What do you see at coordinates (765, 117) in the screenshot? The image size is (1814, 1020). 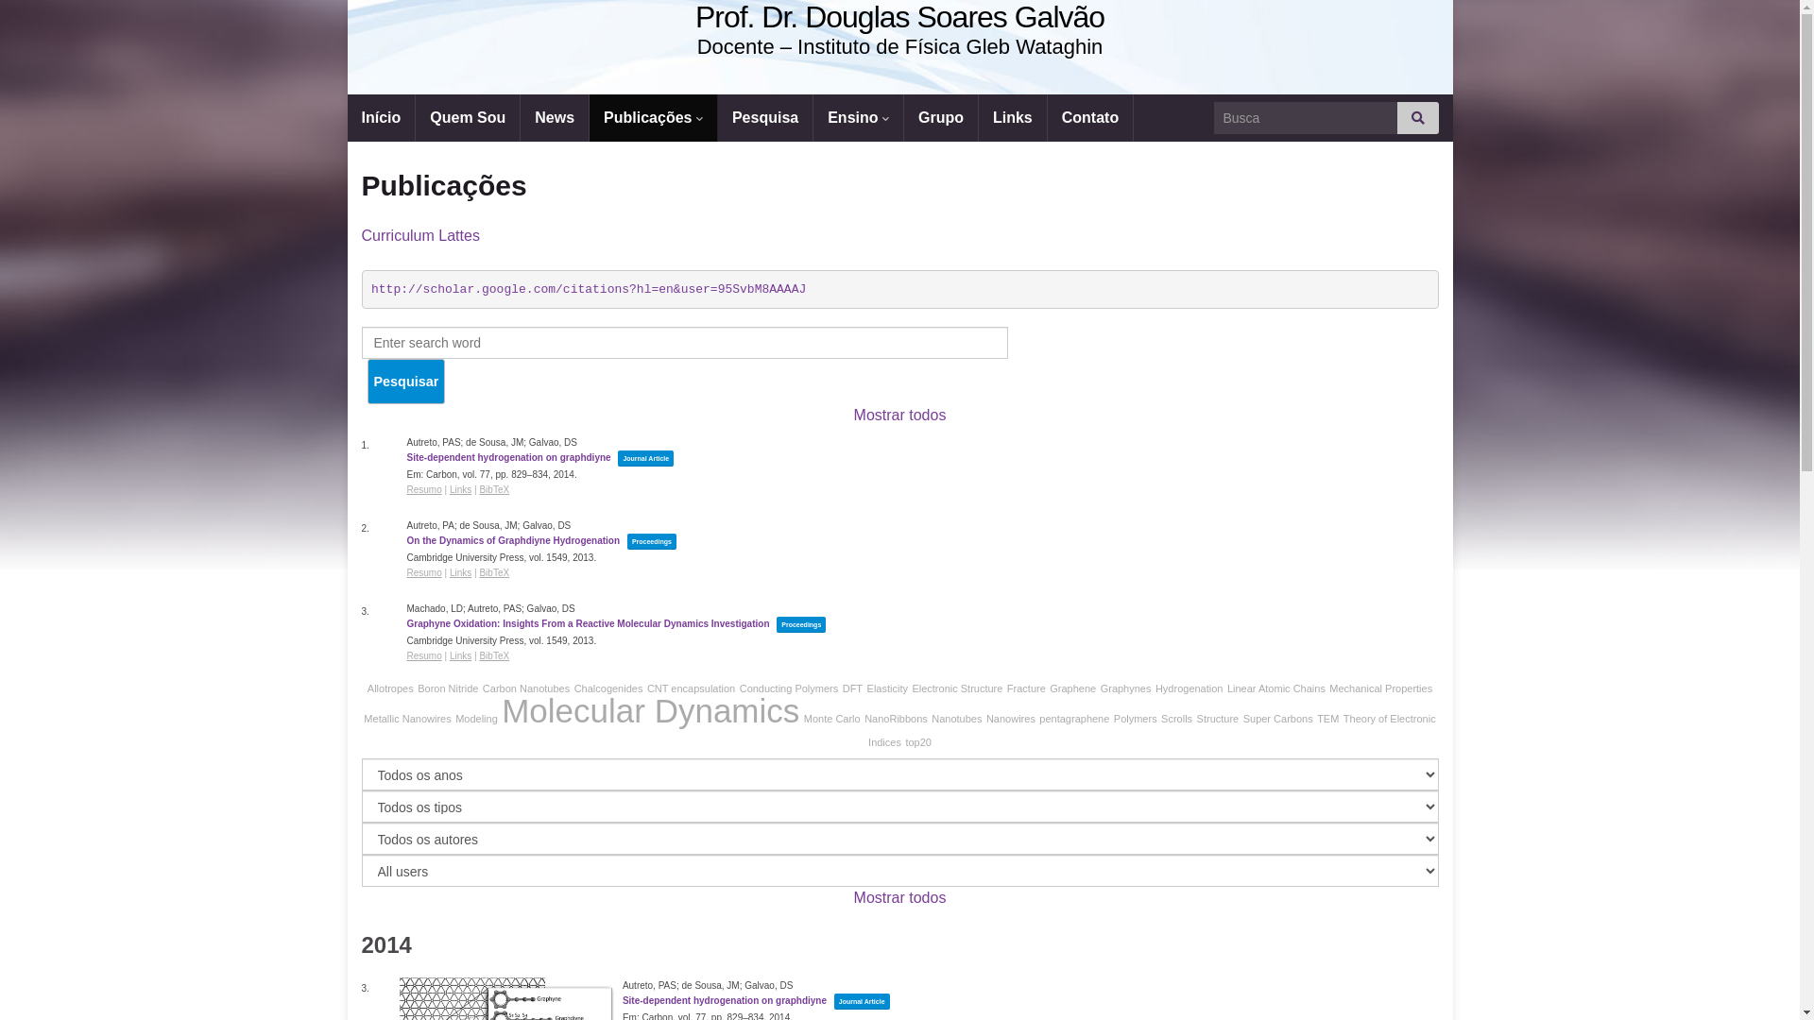 I see `'Pesquisa'` at bounding box center [765, 117].